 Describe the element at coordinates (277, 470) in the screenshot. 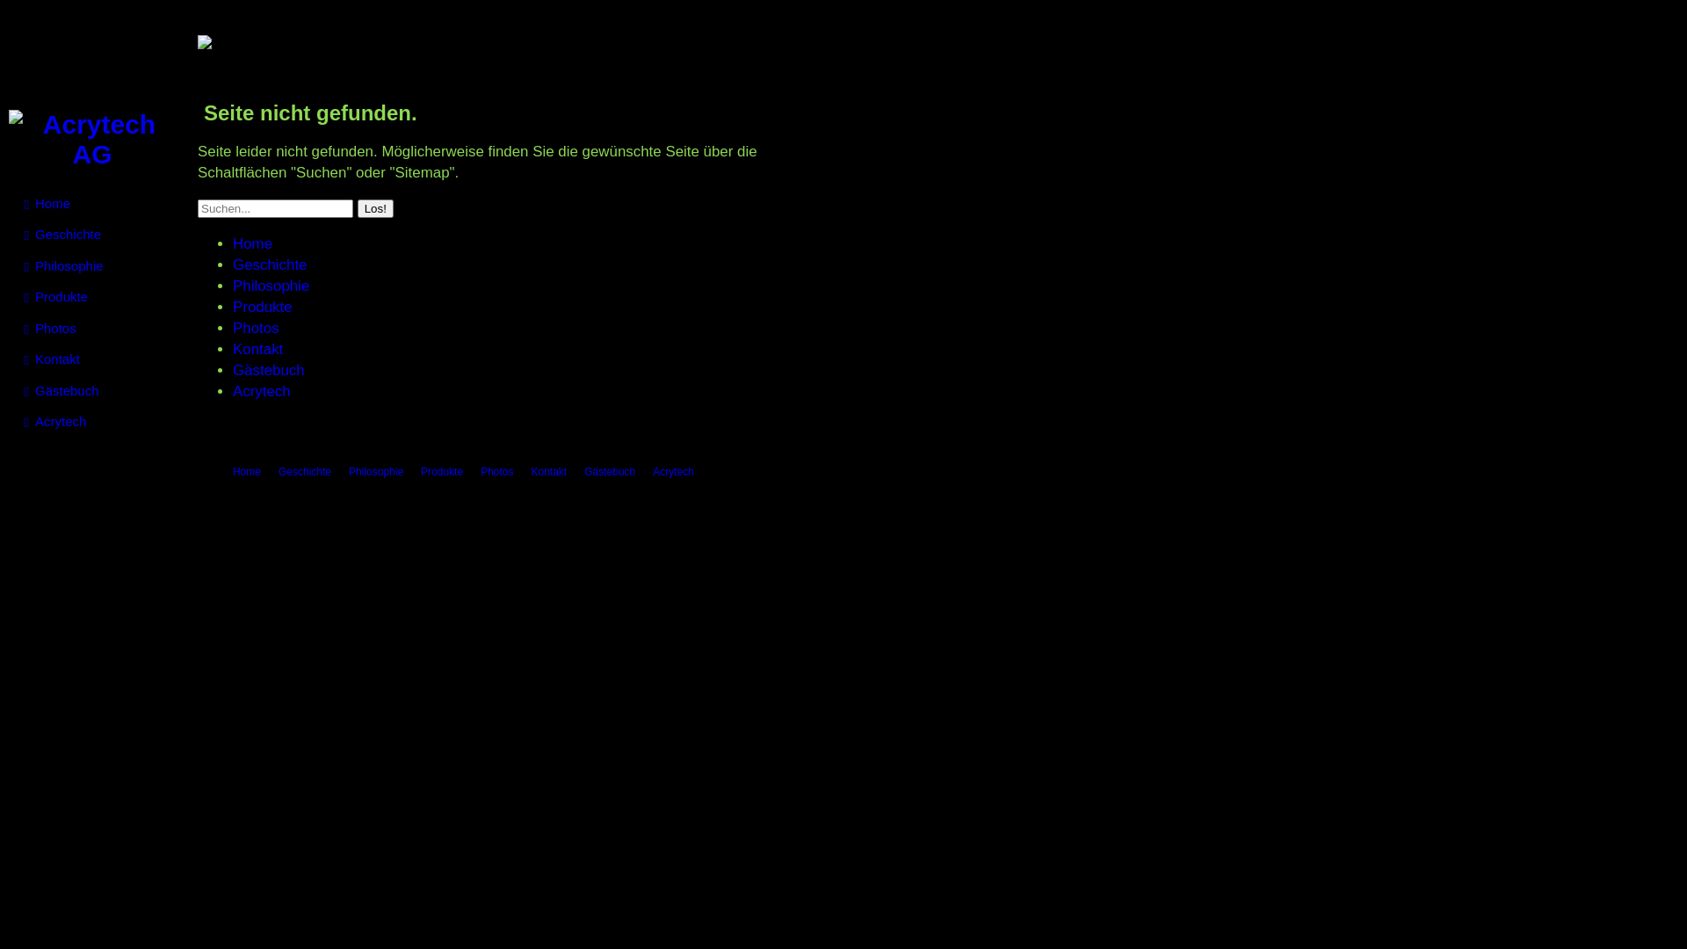

I see `'Geschichte'` at that location.